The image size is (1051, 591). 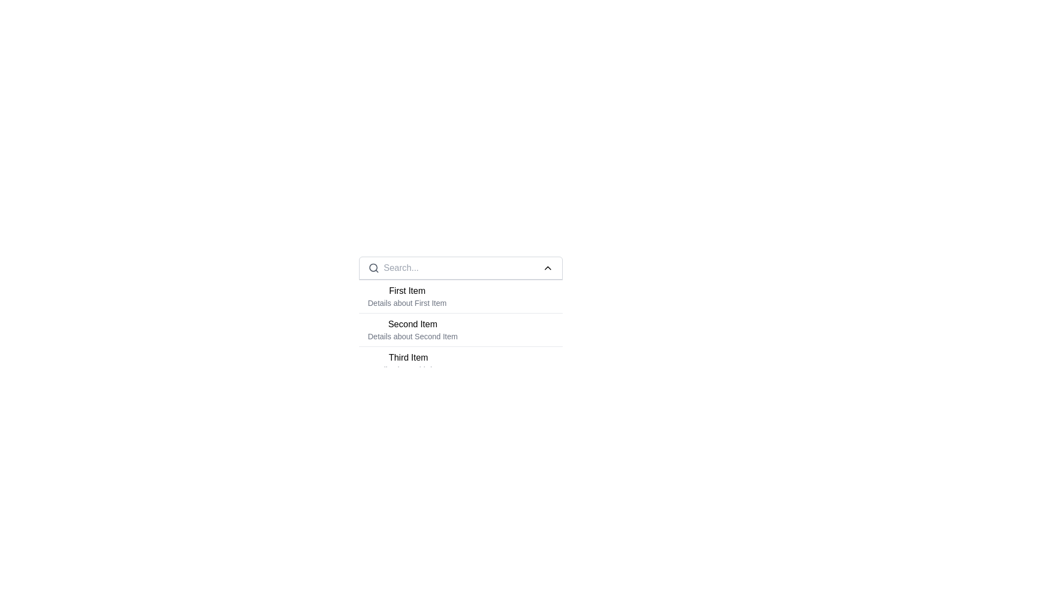 What do you see at coordinates (460, 363) in the screenshot?
I see `the third item in the list labeled 'Third Item'` at bounding box center [460, 363].